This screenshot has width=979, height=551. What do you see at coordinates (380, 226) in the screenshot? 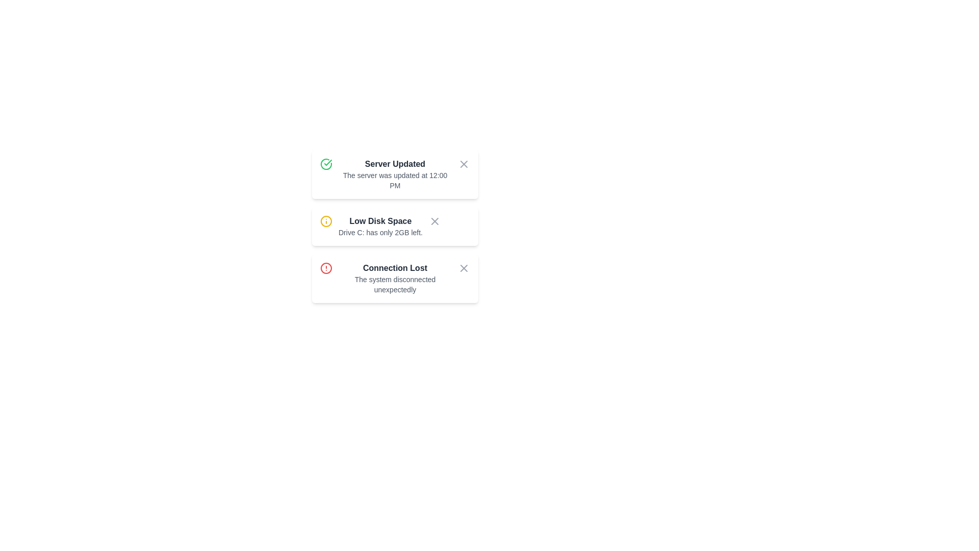
I see `notification text in the text area that informs about low disk space on the C drive, which is the second notification in a vertical stack of three notifications` at bounding box center [380, 226].